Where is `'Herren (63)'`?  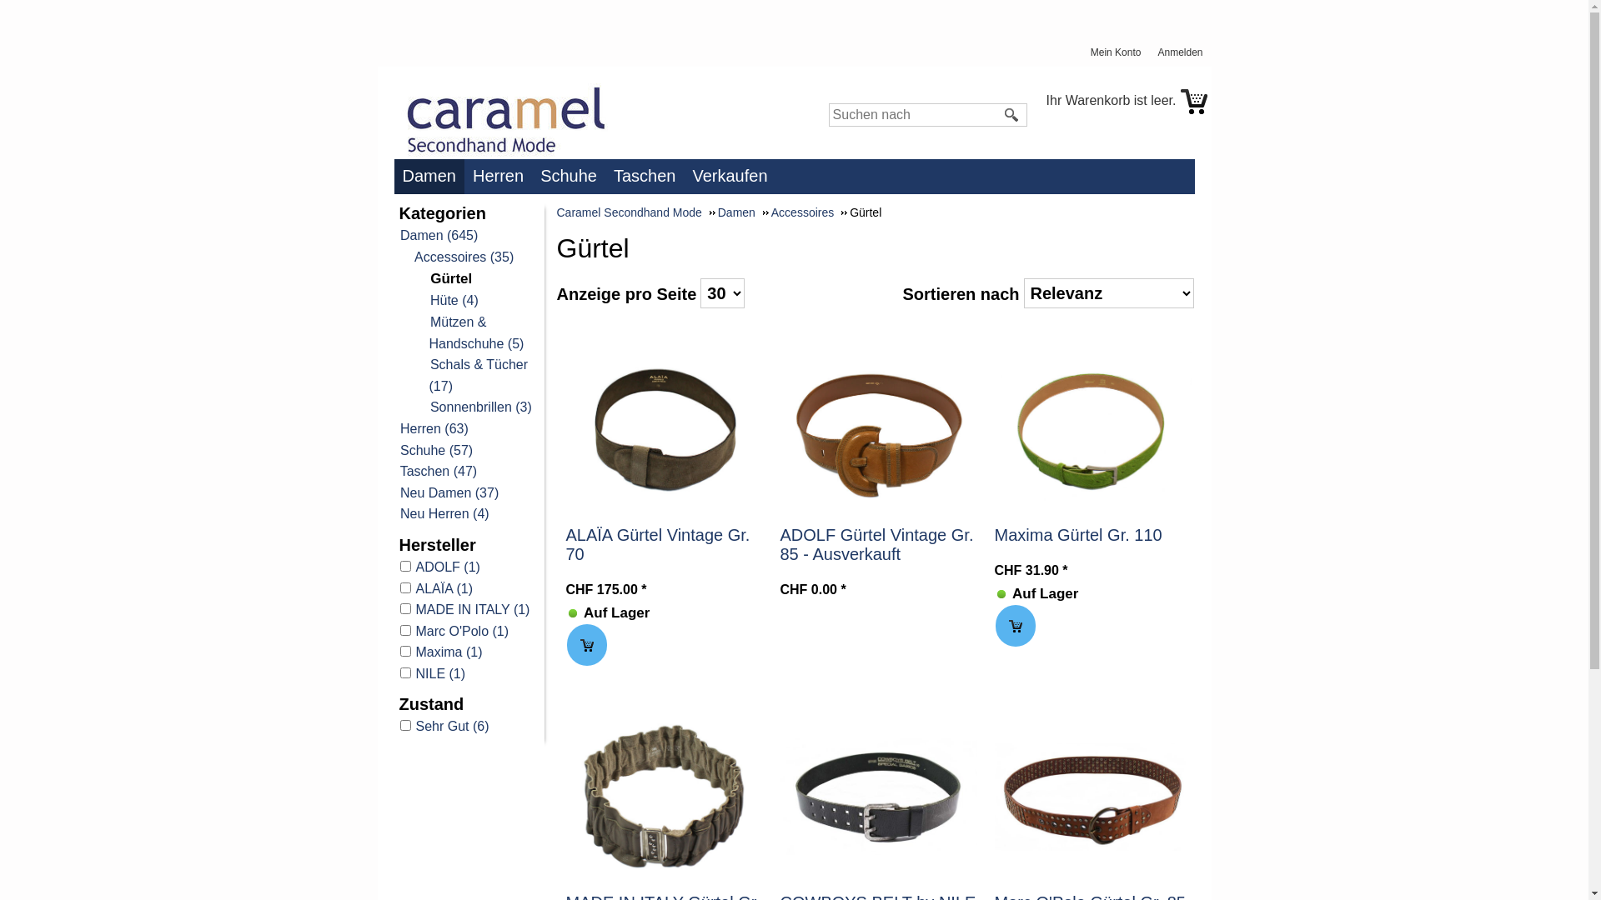 'Herren (63)' is located at coordinates (433, 427).